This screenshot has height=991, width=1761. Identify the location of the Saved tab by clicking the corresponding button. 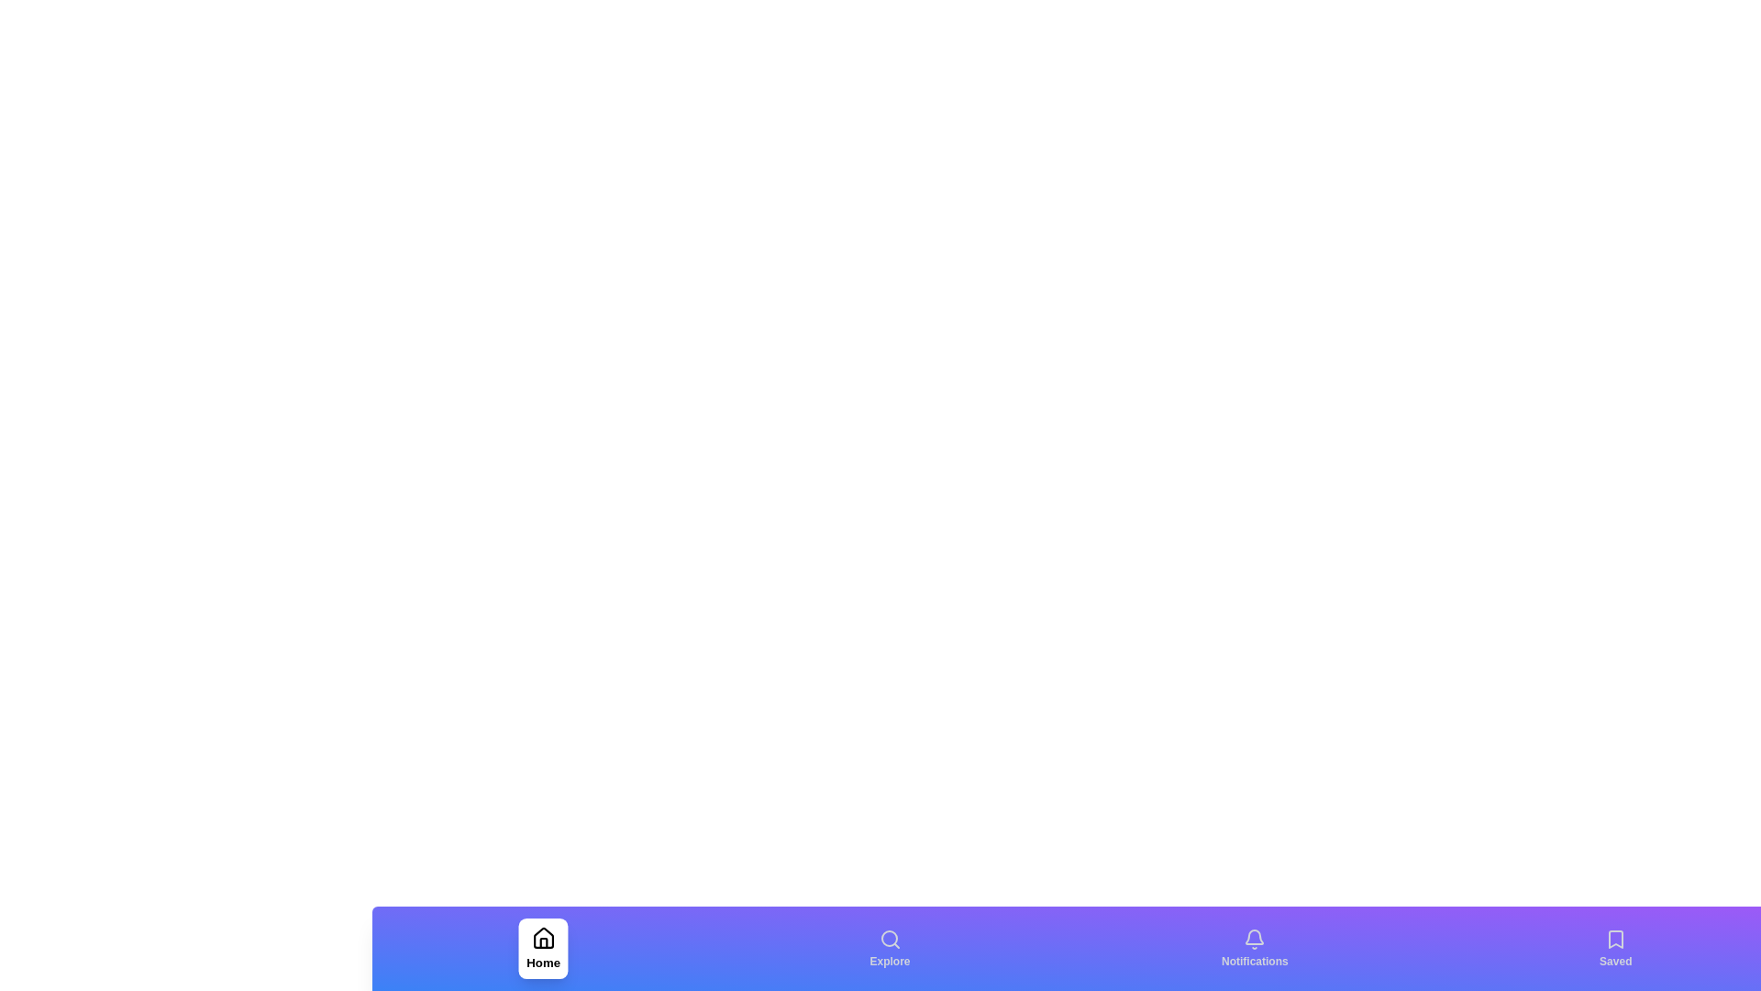
(1615, 948).